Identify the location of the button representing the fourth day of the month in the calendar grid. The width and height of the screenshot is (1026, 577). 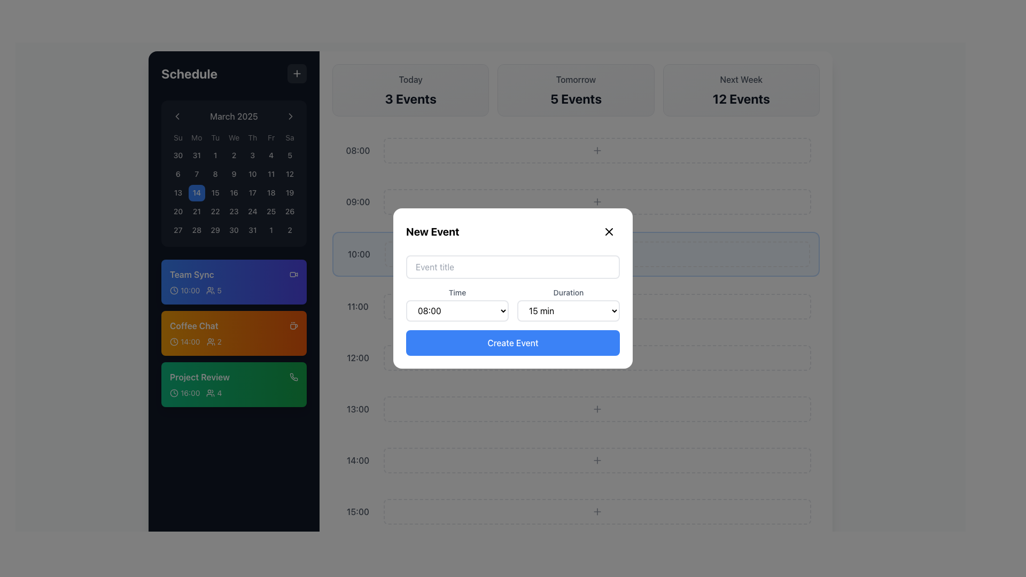
(271, 155).